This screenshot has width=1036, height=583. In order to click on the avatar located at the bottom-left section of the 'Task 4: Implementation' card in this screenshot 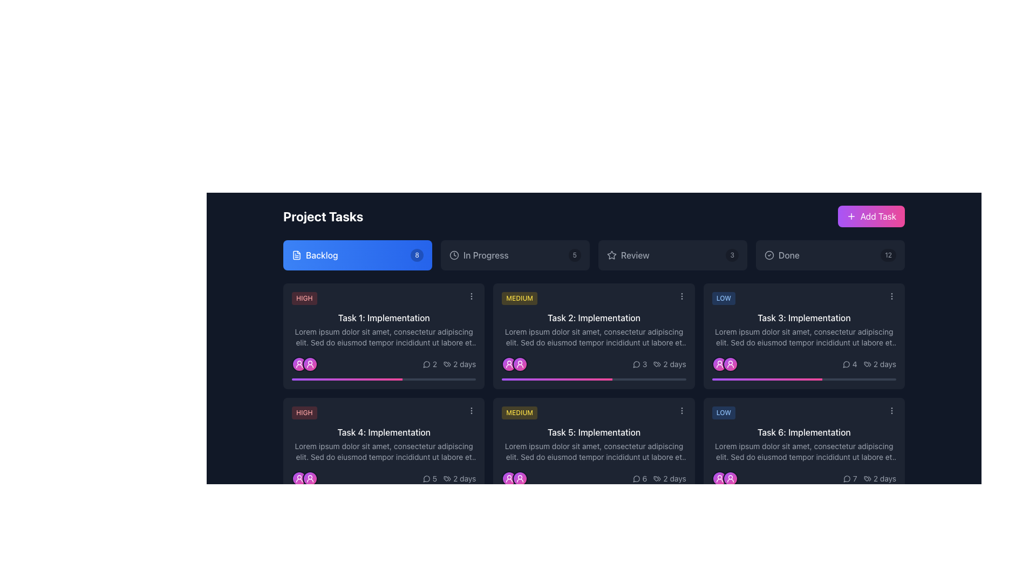, I will do `click(310, 478)`.